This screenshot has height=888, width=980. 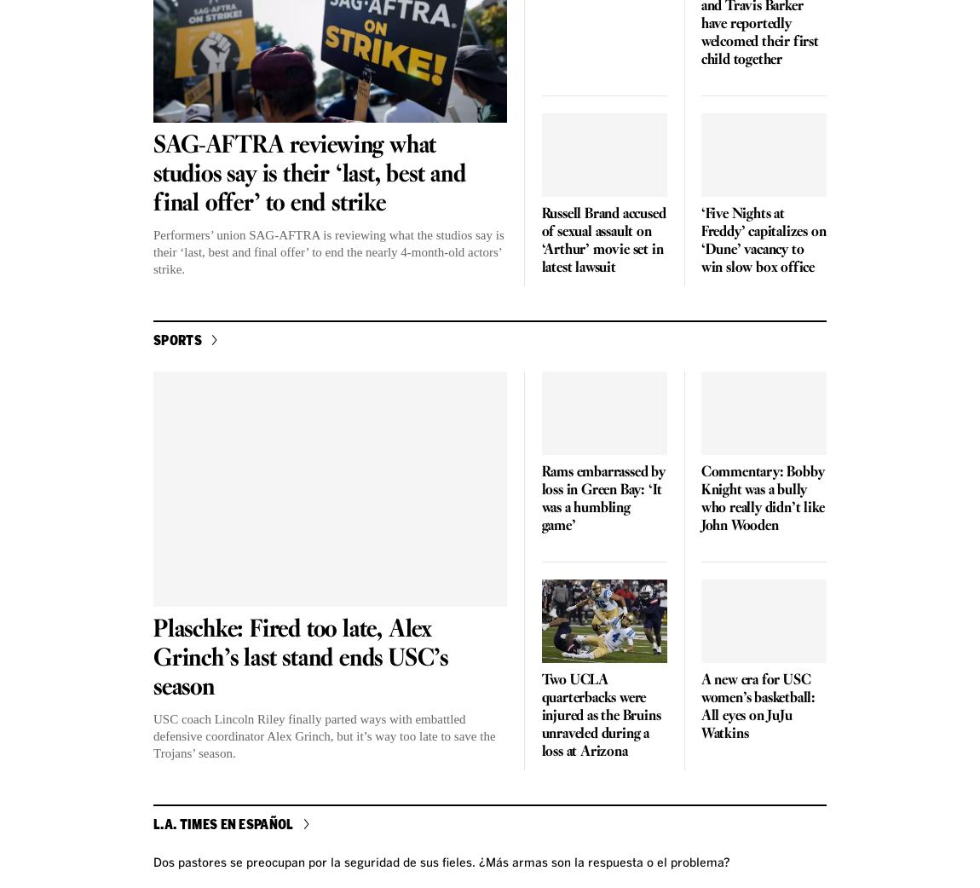 I want to click on 'Rams embarrassed by loss in Green Bay: ‘It was a humbling game’', so click(x=540, y=499).